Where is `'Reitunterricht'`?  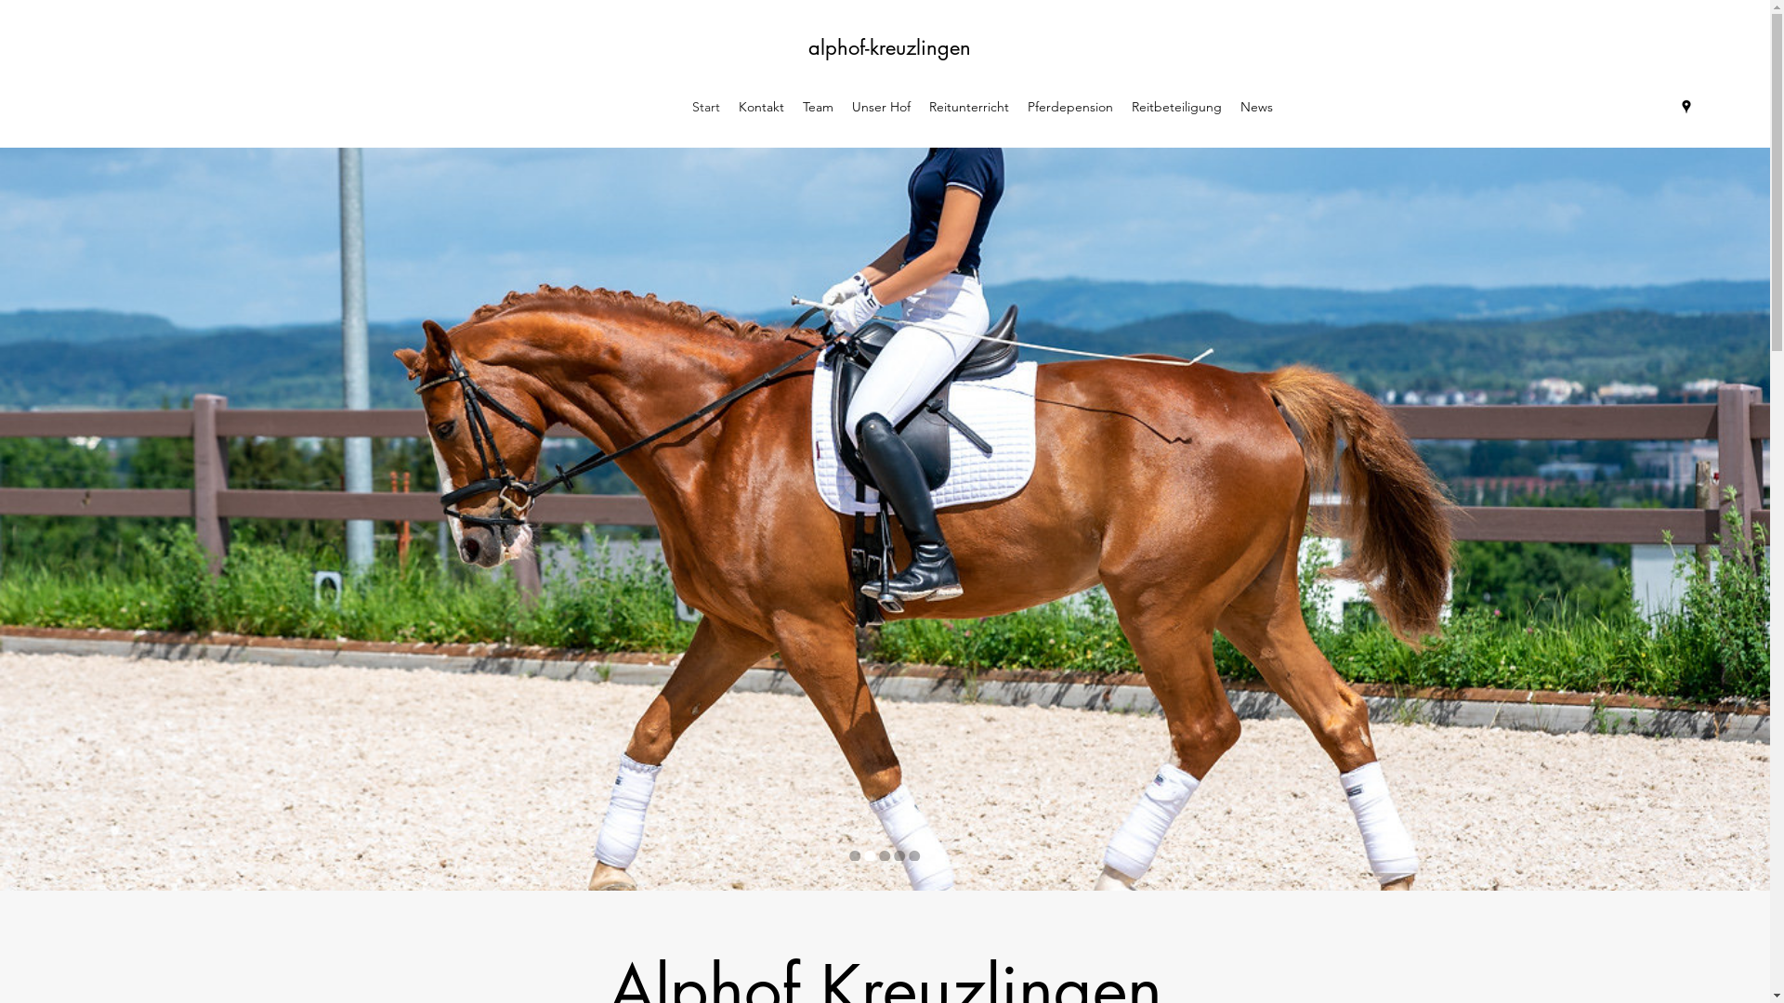
'Reitunterricht' is located at coordinates (967, 107).